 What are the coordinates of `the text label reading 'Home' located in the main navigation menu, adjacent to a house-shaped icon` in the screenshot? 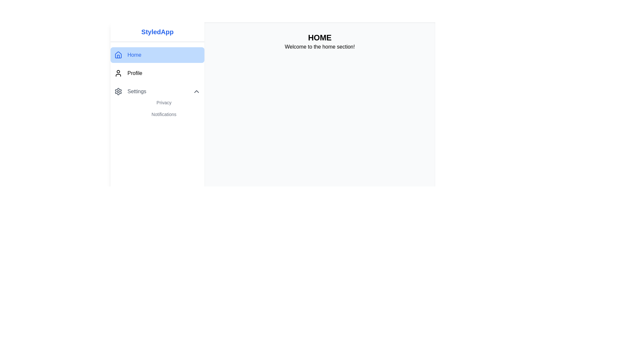 It's located at (134, 55).